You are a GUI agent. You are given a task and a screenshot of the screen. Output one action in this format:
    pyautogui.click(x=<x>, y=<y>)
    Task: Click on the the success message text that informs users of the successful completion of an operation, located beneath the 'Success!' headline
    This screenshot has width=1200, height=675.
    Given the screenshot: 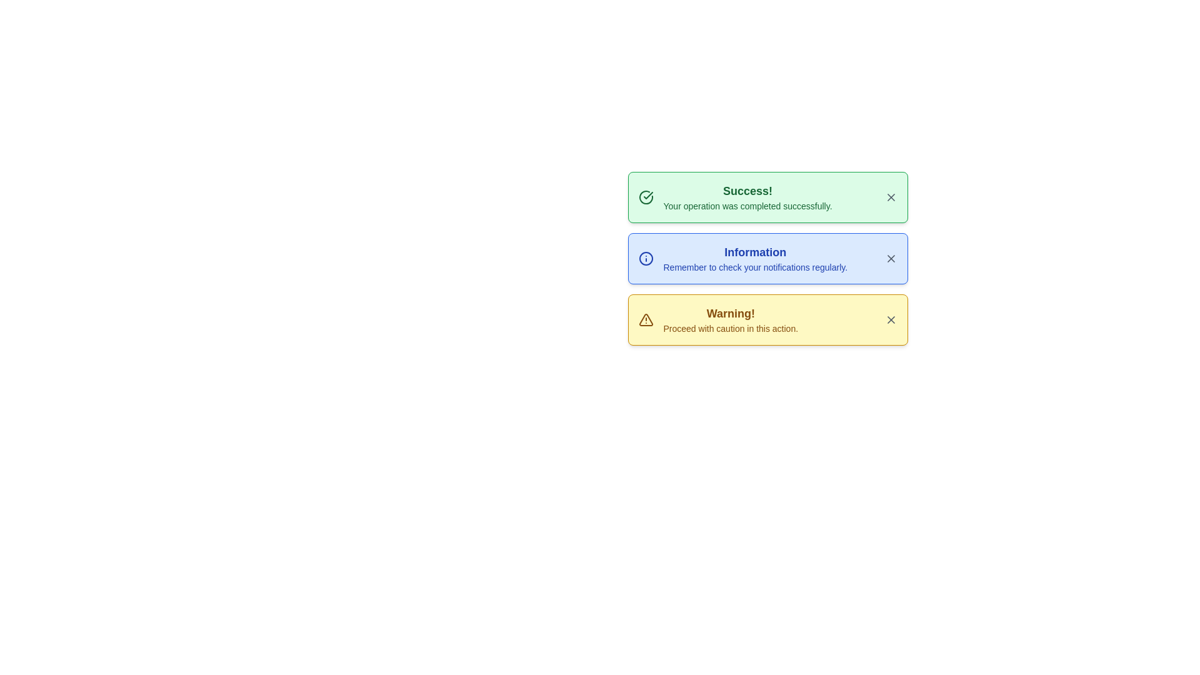 What is the action you would take?
    pyautogui.click(x=747, y=206)
    